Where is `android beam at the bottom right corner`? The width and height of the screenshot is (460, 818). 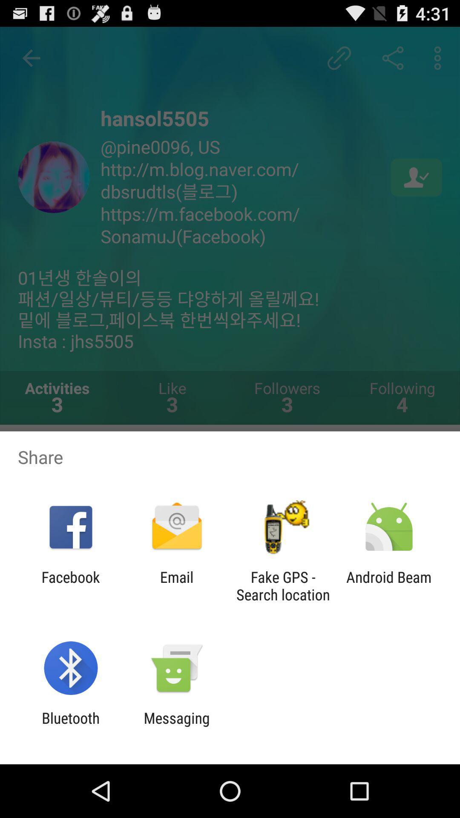 android beam at the bottom right corner is located at coordinates (389, 585).